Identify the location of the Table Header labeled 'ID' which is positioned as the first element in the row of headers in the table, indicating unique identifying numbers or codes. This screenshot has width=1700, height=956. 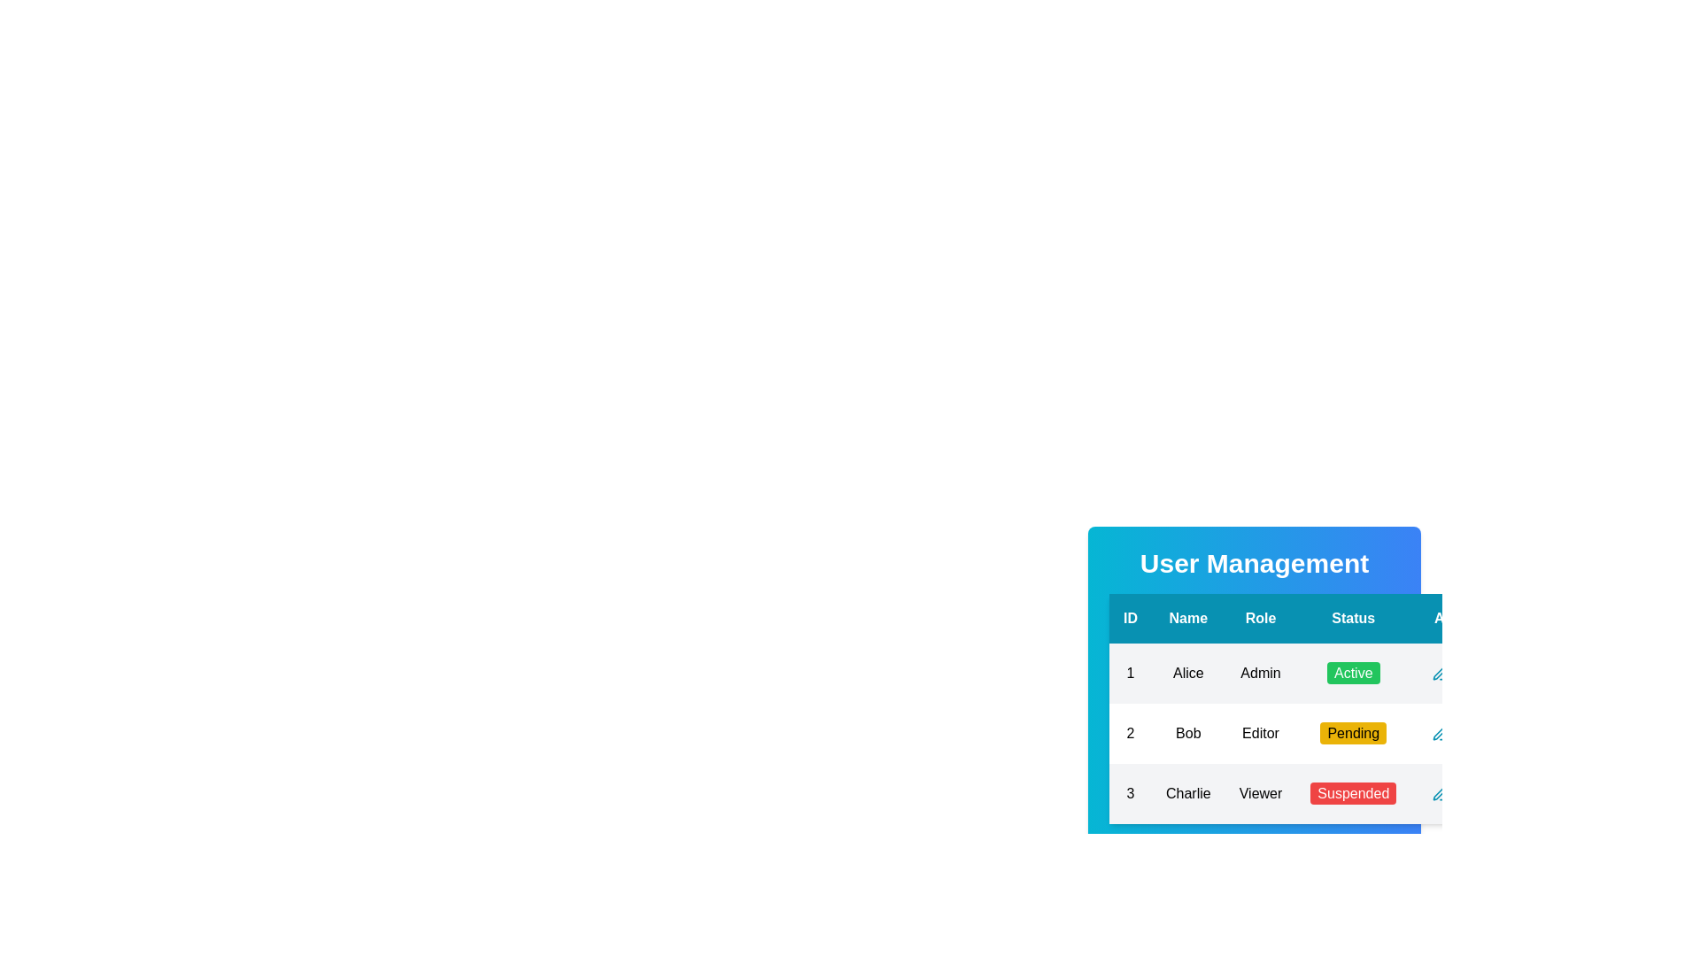
(1129, 617).